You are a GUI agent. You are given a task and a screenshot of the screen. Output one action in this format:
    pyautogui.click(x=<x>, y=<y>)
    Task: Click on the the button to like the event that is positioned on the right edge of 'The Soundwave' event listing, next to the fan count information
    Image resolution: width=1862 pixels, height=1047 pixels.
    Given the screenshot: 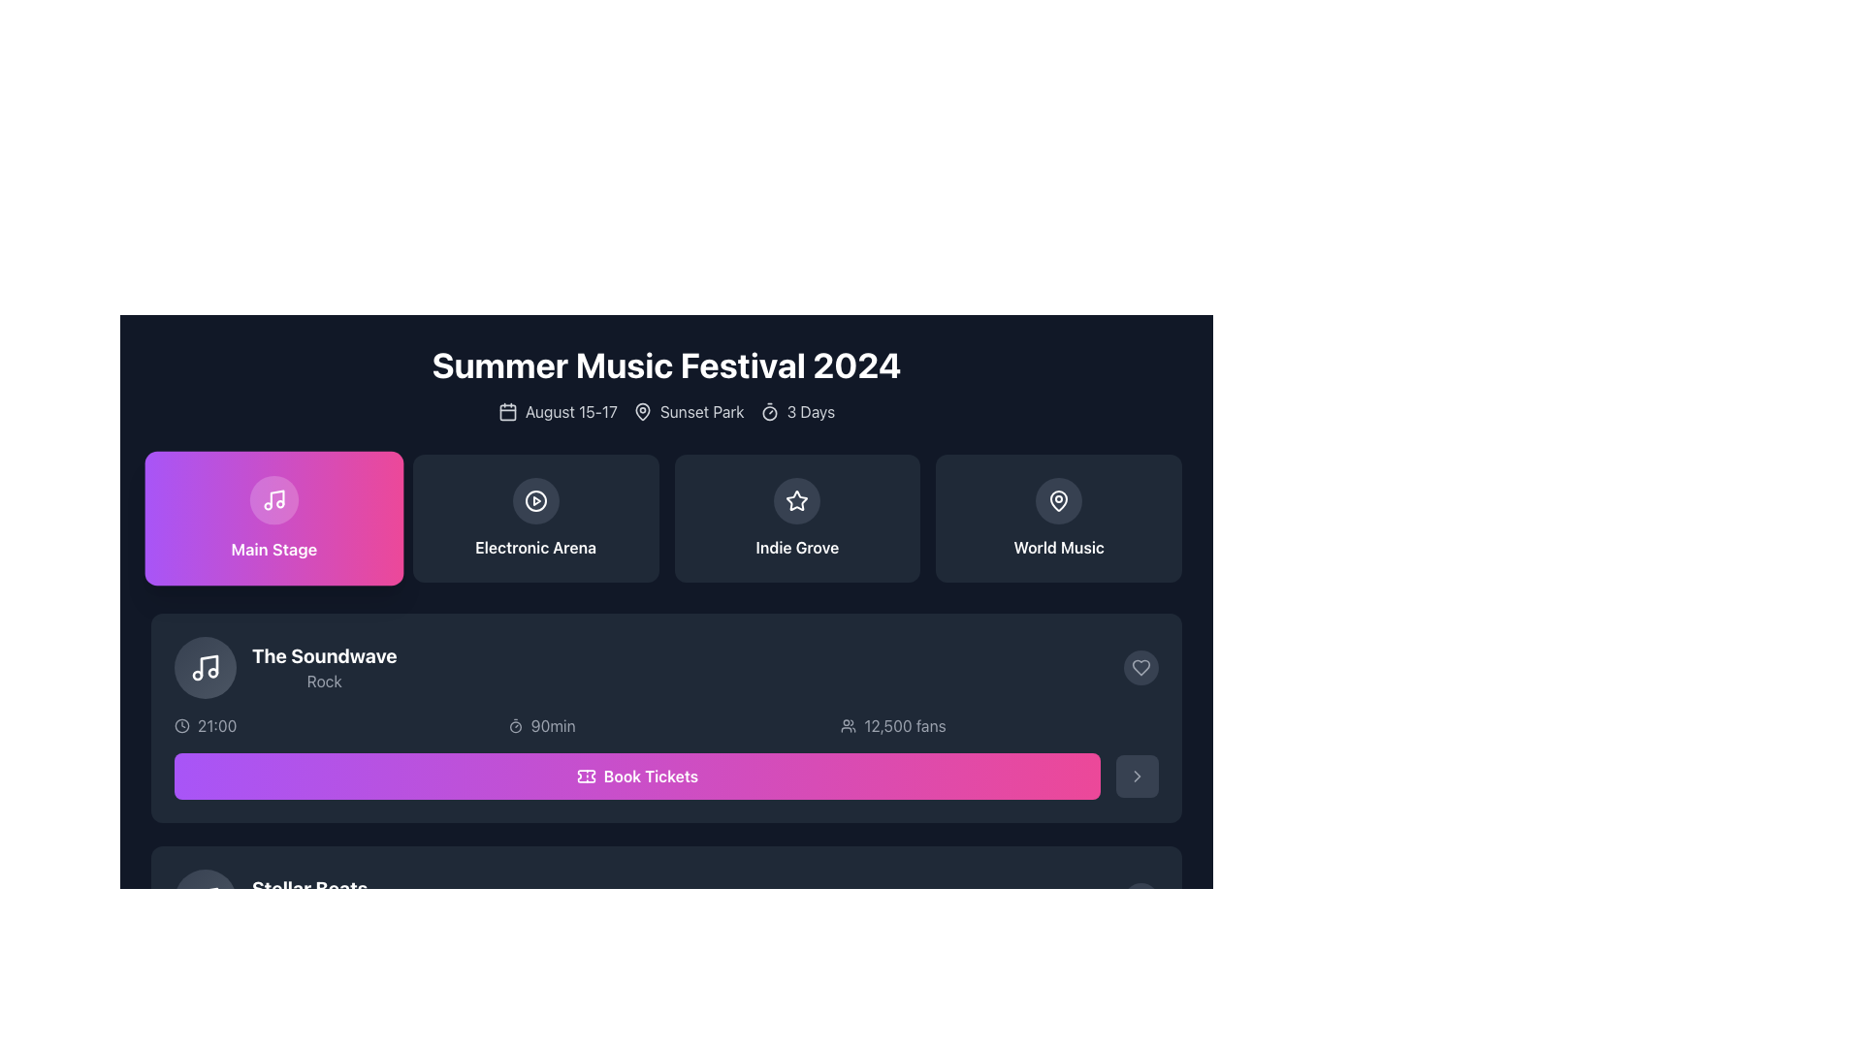 What is the action you would take?
    pyautogui.click(x=1140, y=667)
    